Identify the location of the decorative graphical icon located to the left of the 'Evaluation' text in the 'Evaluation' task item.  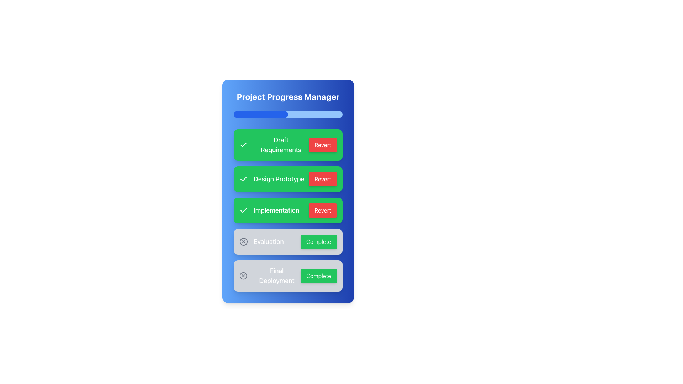
(244, 241).